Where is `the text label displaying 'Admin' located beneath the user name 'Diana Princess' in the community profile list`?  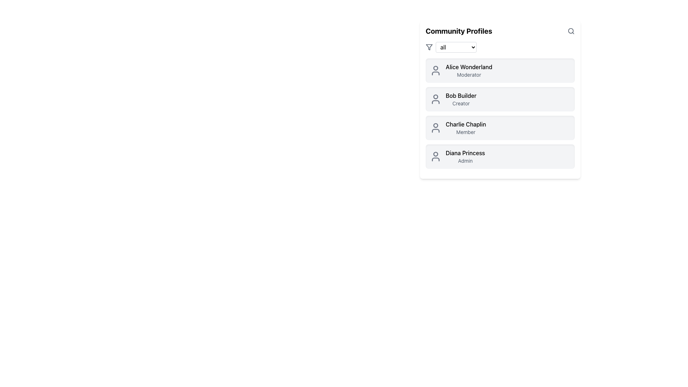
the text label displaying 'Admin' located beneath the user name 'Diana Princess' in the community profile list is located at coordinates (465, 160).